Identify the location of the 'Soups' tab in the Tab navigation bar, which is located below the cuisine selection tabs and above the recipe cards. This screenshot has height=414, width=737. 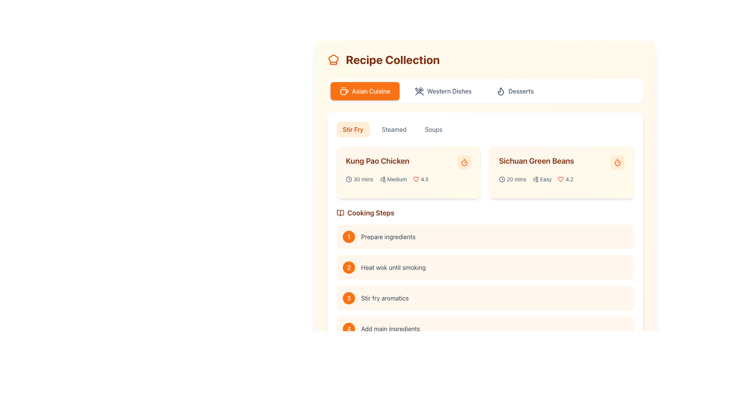
(484, 129).